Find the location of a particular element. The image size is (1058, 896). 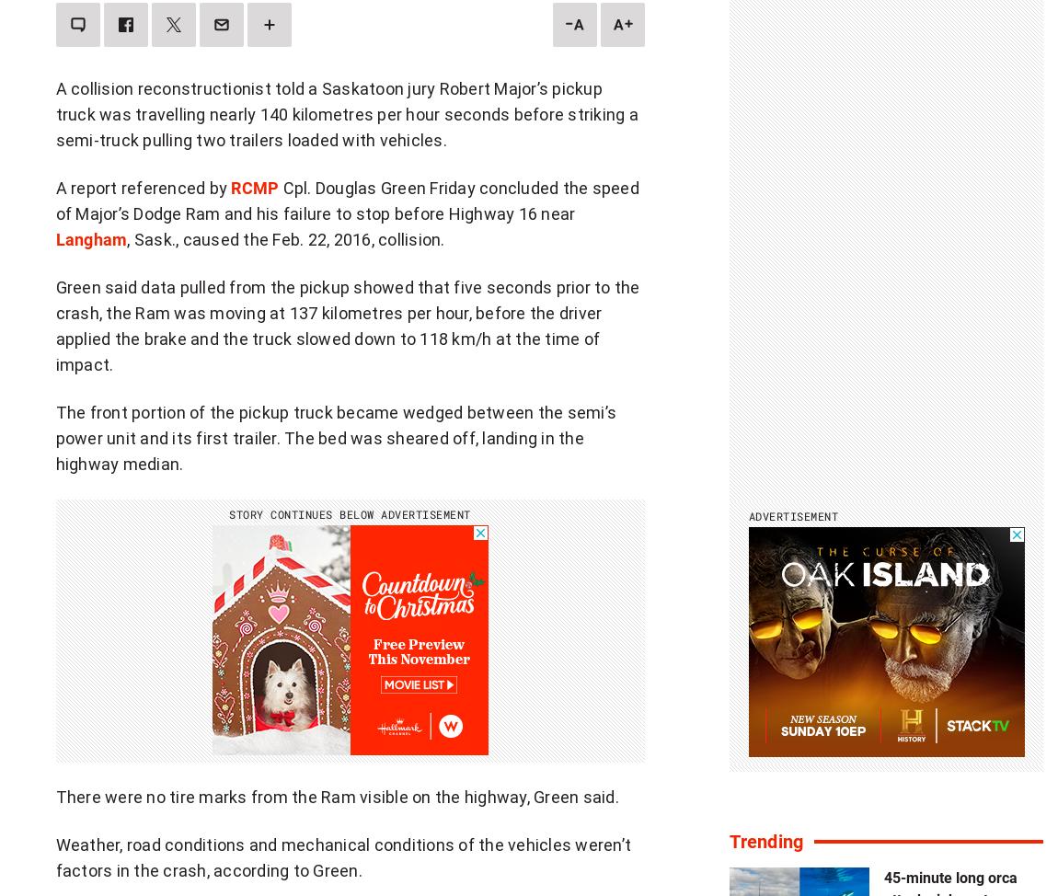

'Court also heard testimony from Scott Eckel, Major’s coworker who survived the crash, but doesn’t remember what happened.' is located at coordinates (345, 42).